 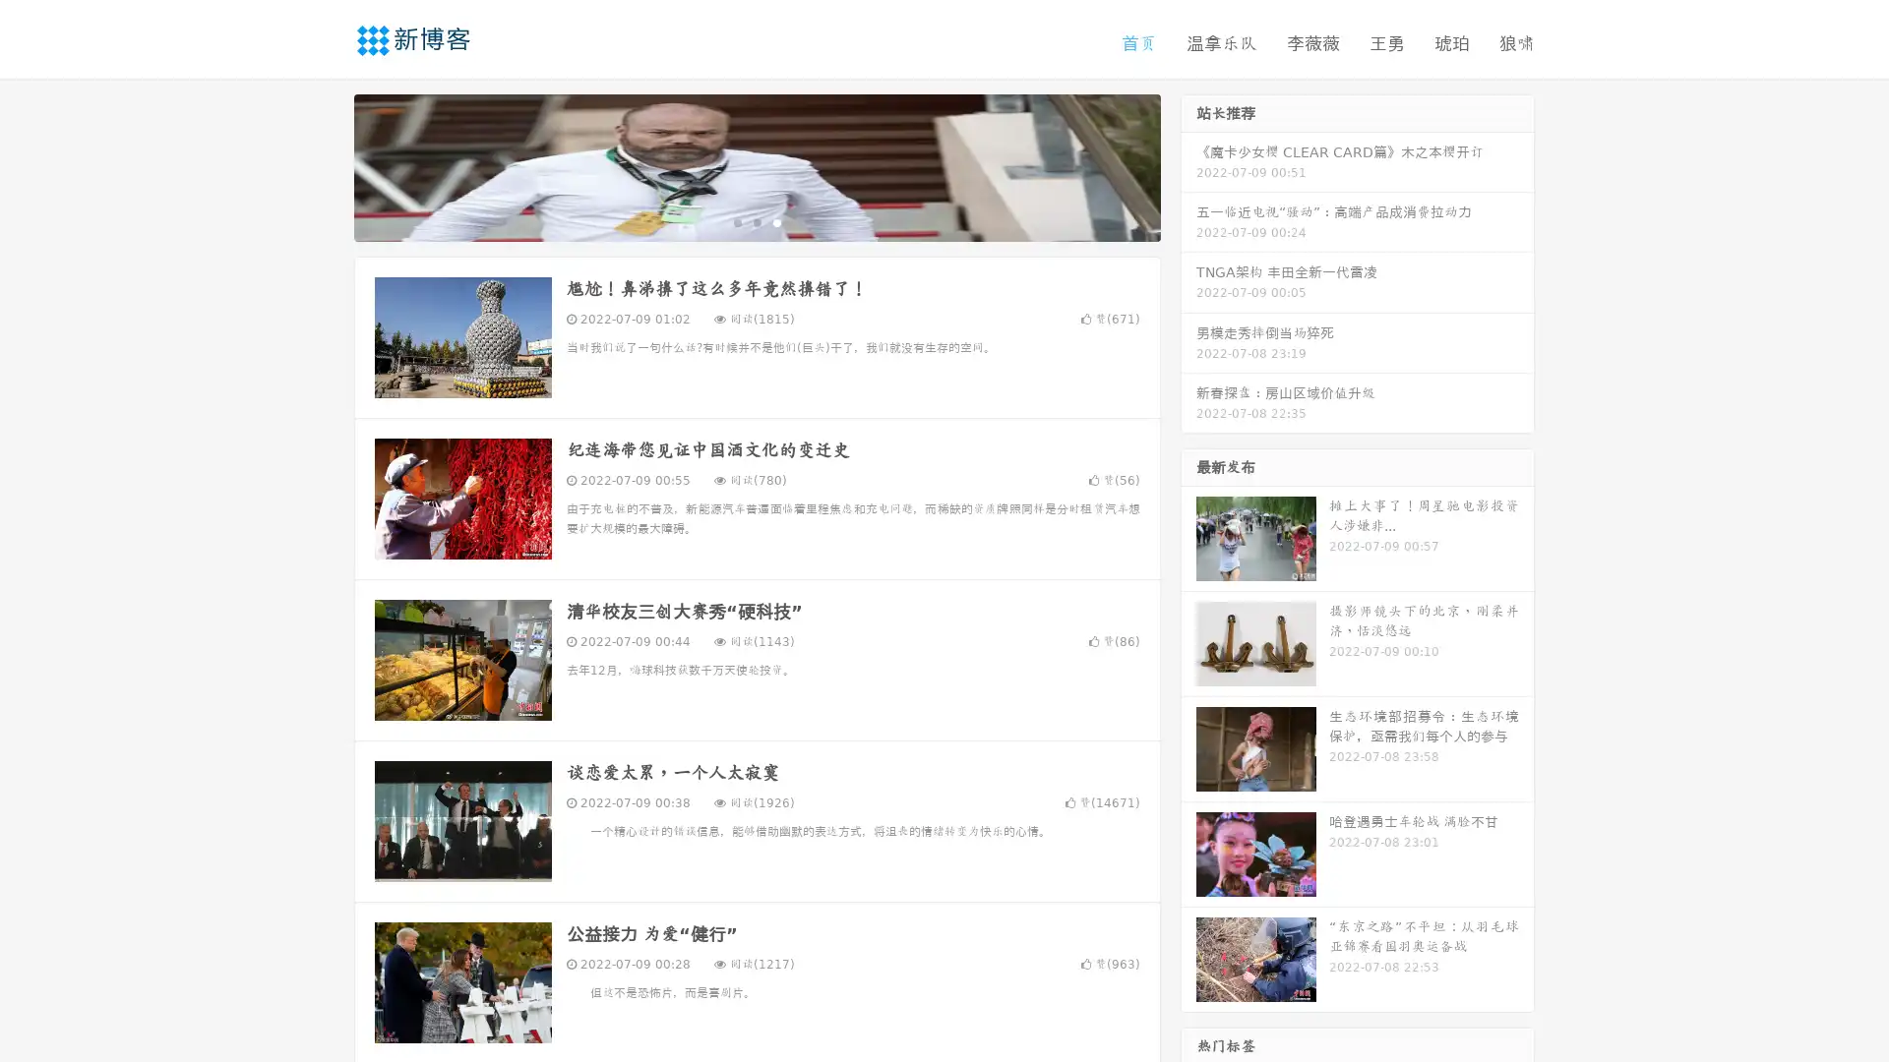 I want to click on Previous slide, so click(x=325, y=165).